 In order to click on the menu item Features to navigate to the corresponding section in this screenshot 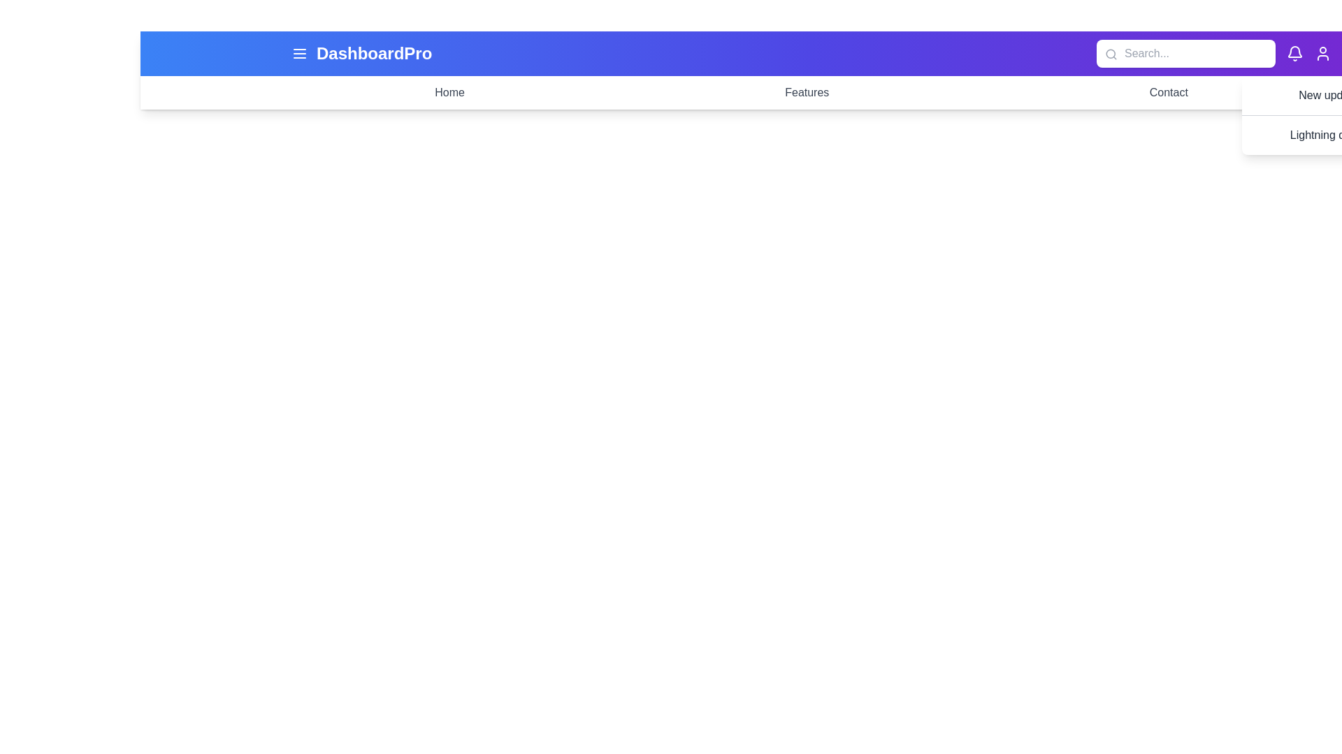, I will do `click(807, 92)`.